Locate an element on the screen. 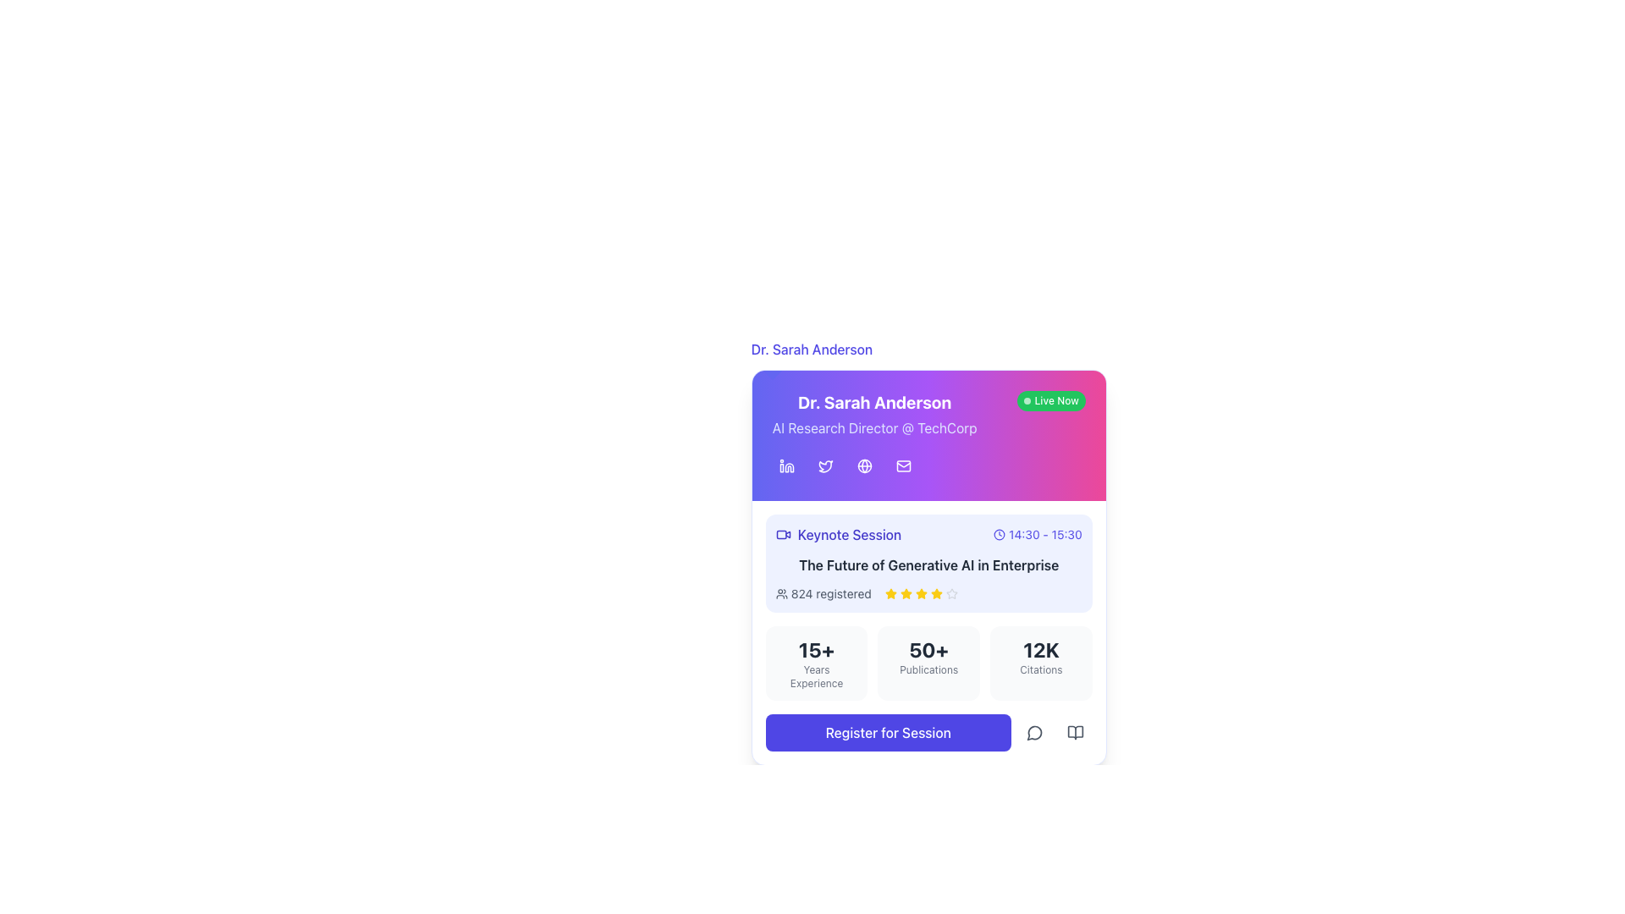  the Label with the video camera icon and 'Keynote Session' text by moving the cursor to its center point is located at coordinates (838, 535).